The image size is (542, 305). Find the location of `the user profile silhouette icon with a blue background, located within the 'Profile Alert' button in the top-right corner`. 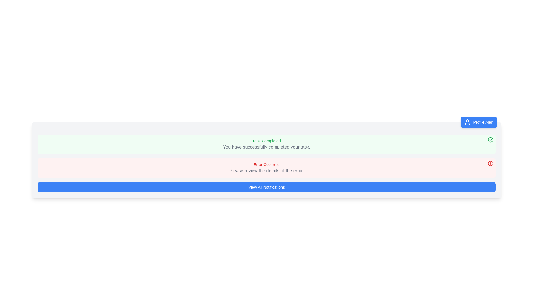

the user profile silhouette icon with a blue background, located within the 'Profile Alert' button in the top-right corner is located at coordinates (467, 122).